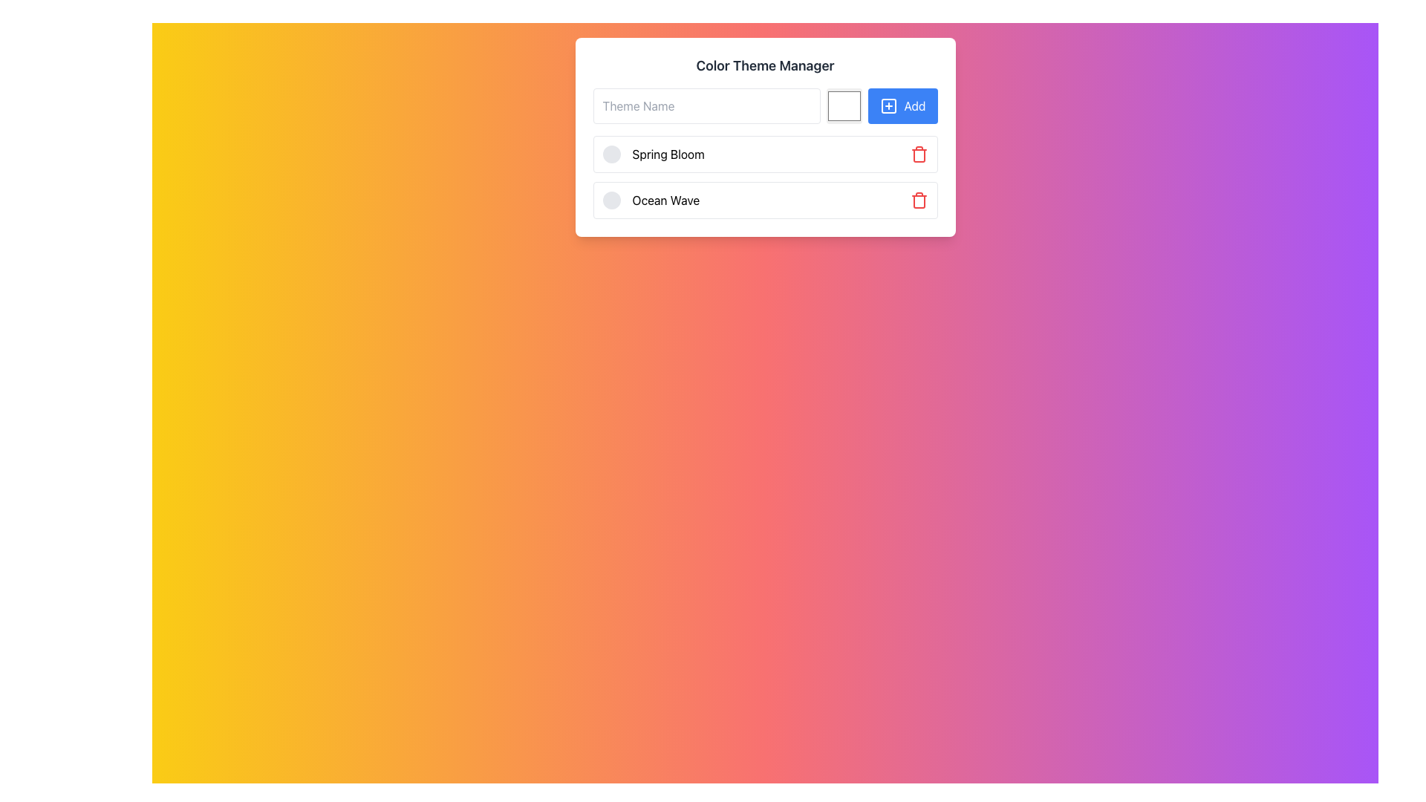  Describe the element at coordinates (765, 154) in the screenshot. I see `the center of the first color theme item in the Color Theme Manager` at that location.